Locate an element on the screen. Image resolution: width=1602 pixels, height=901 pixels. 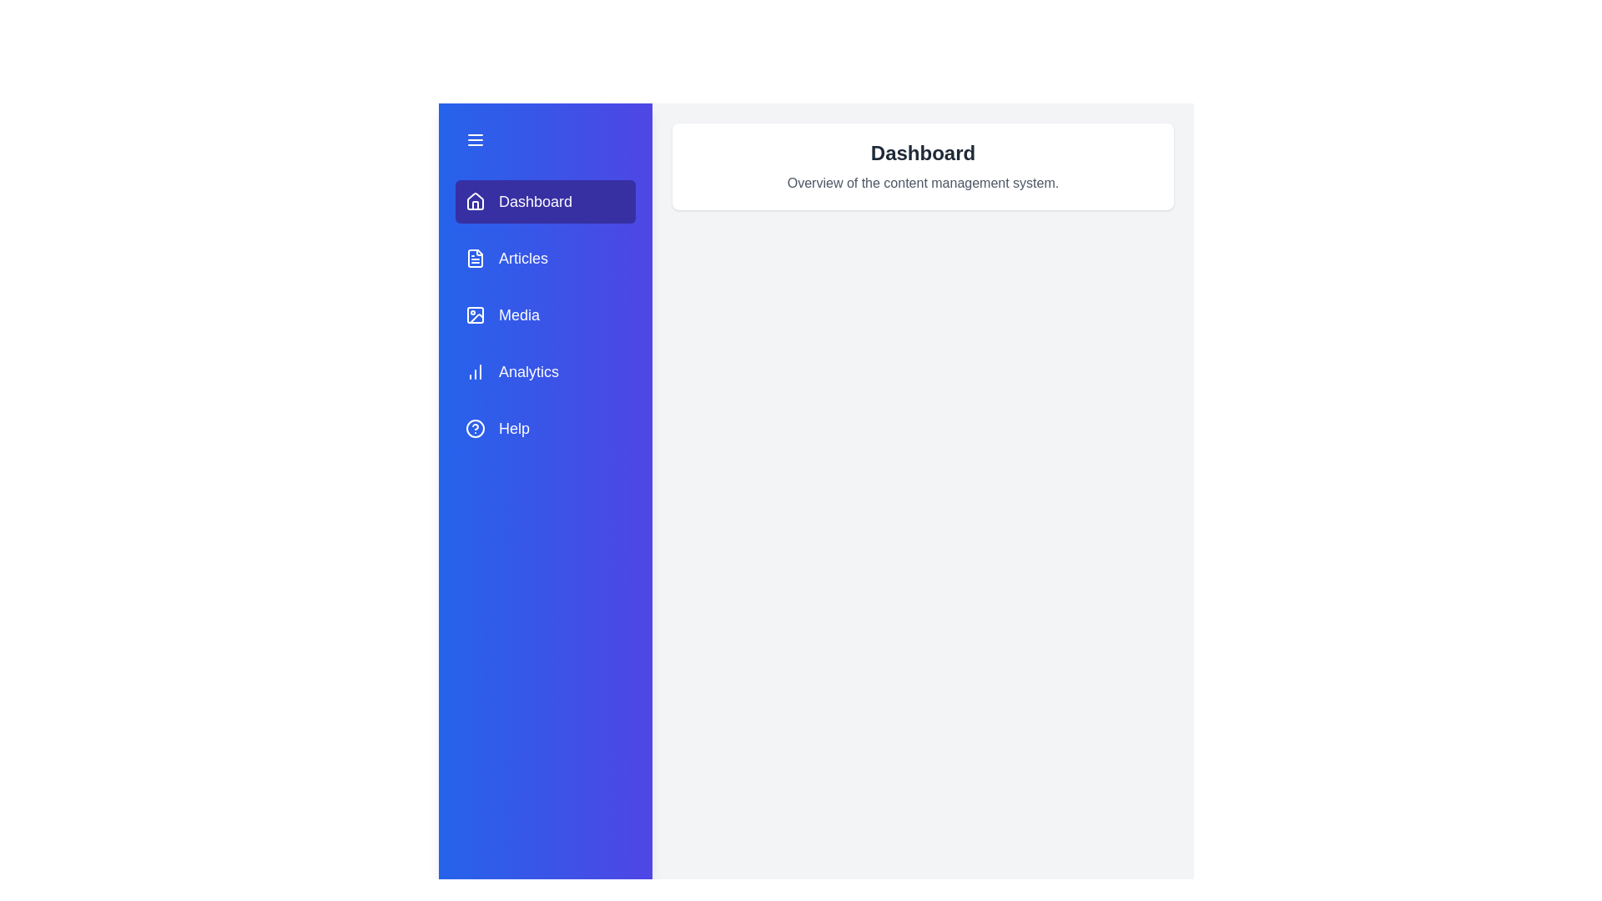
the tab labeled Media to highlight it is located at coordinates (545, 315).